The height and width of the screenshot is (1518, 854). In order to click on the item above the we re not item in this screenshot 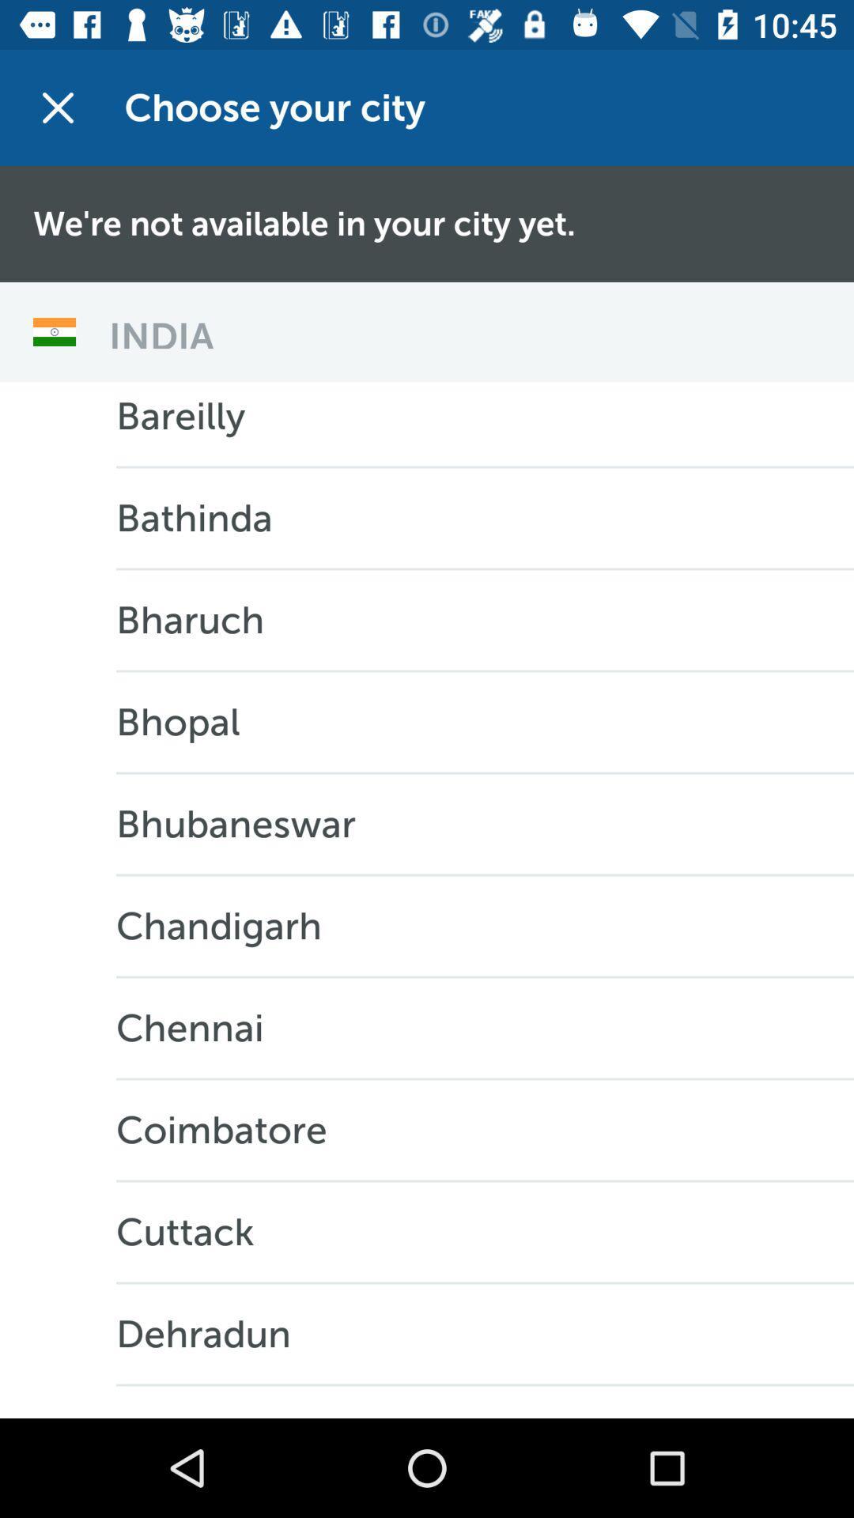, I will do `click(57, 107)`.